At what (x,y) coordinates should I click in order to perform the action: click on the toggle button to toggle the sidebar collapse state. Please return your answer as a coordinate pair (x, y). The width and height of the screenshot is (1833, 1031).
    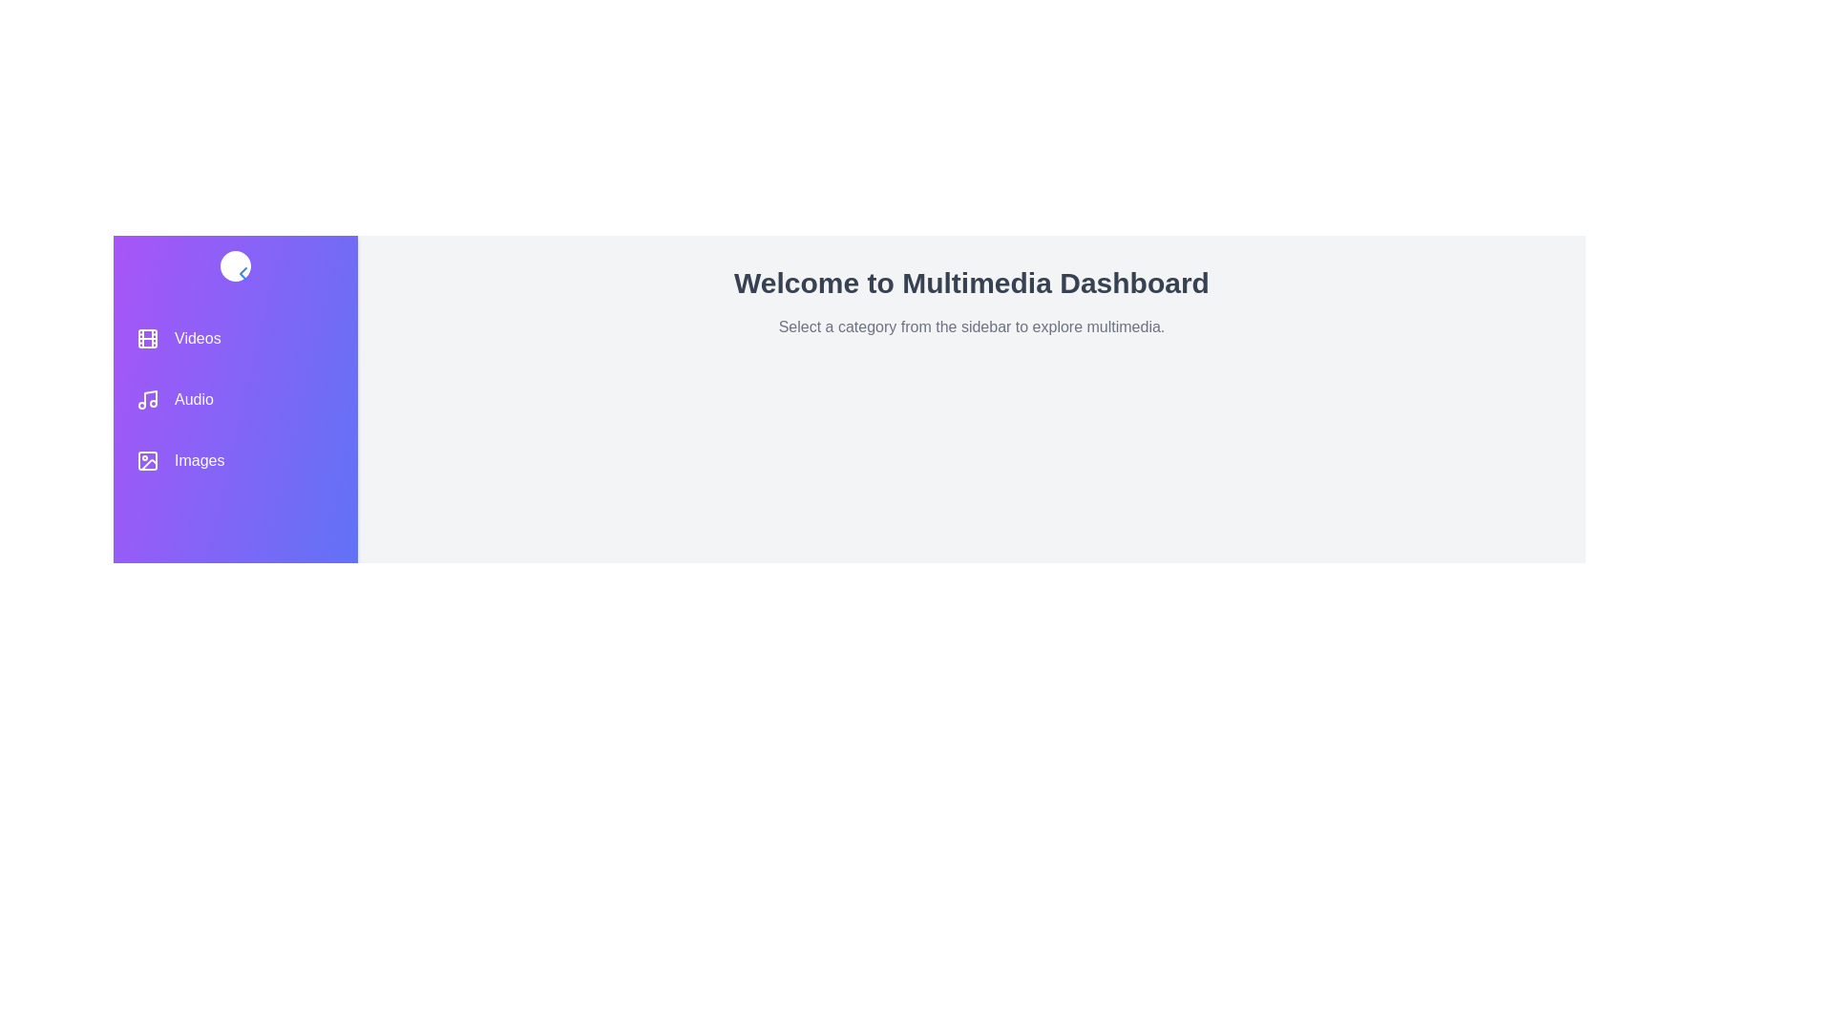
    Looking at the image, I should click on (234, 265).